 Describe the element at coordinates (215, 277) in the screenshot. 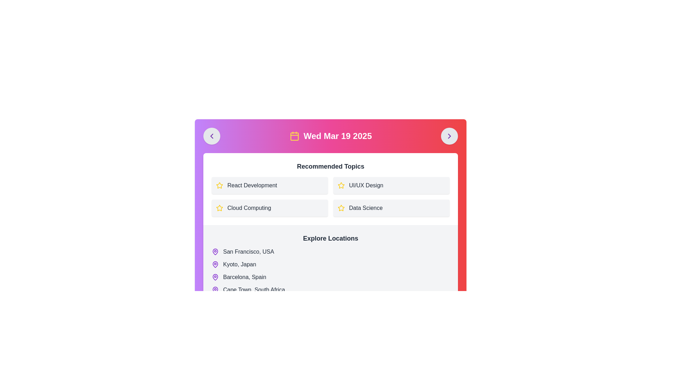

I see `the map pin icon indicating 'Barcelona, Spain' in the 'Explore Locations' list, which is the third entry in the list` at that location.